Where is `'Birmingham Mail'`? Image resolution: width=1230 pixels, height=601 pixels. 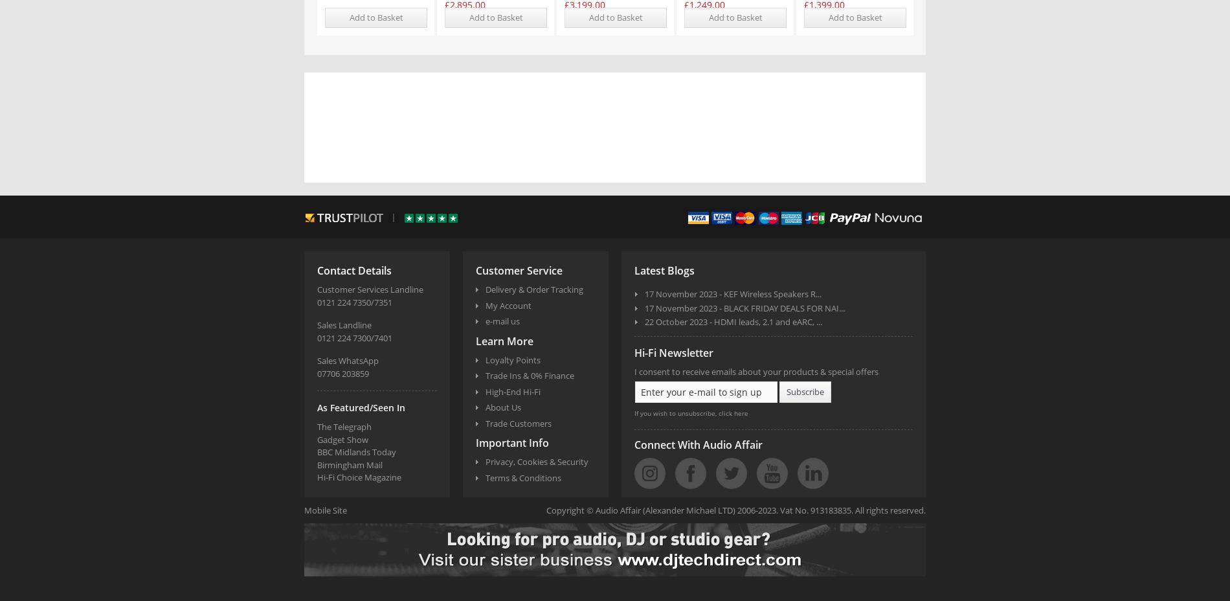
'Birmingham Mail' is located at coordinates (317, 463).